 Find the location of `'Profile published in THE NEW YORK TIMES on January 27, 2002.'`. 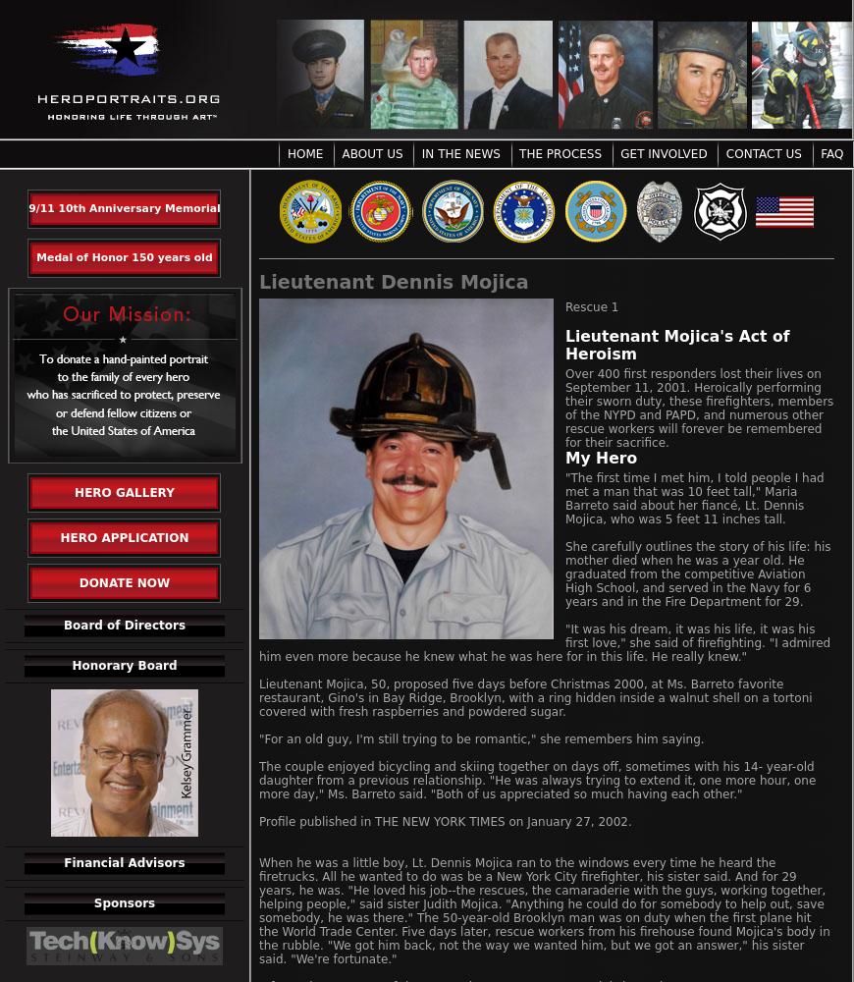

'Profile published in THE NEW YORK TIMES on January 27, 2002.' is located at coordinates (258, 820).